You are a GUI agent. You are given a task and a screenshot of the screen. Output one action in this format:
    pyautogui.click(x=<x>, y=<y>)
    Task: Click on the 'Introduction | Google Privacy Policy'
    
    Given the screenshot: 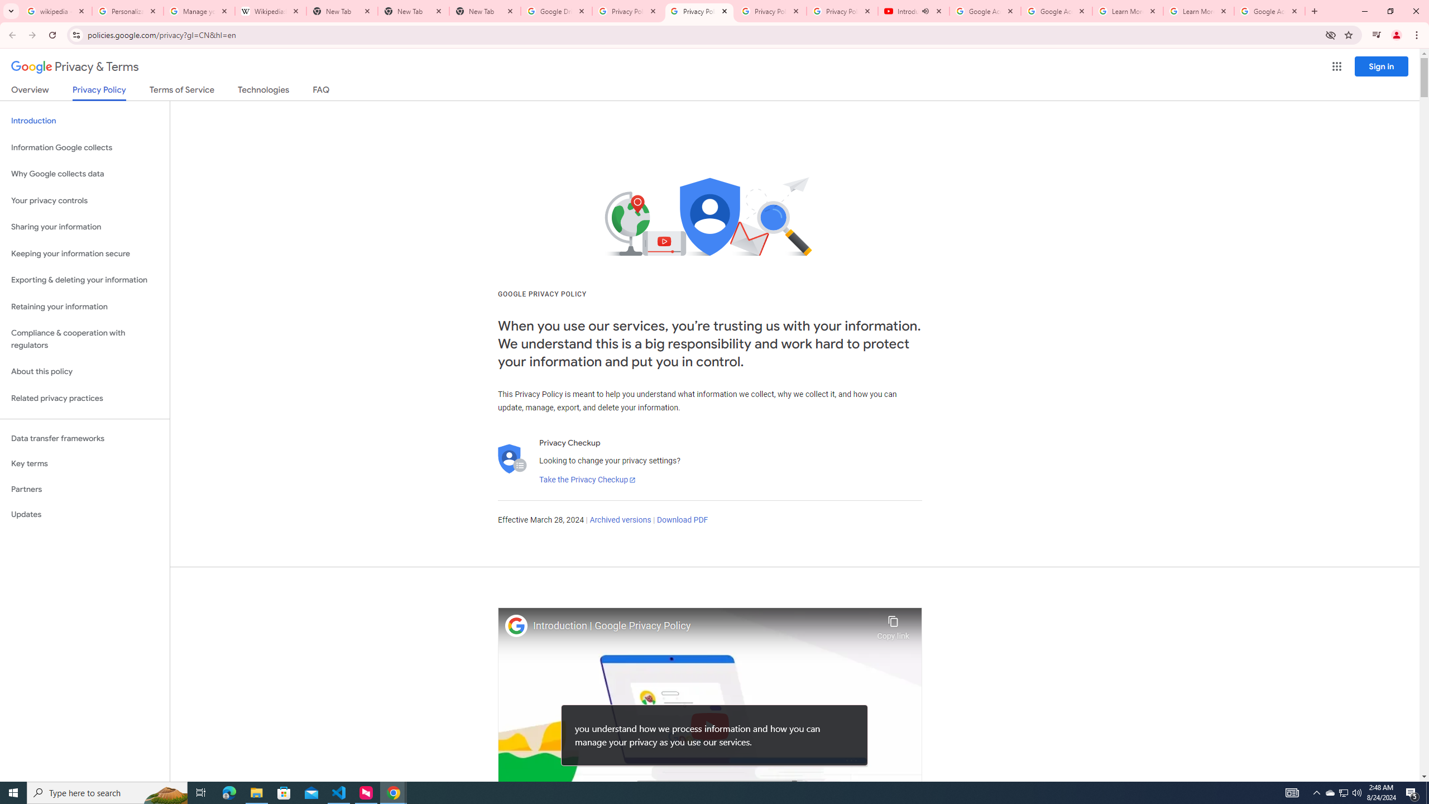 What is the action you would take?
    pyautogui.click(x=702, y=626)
    